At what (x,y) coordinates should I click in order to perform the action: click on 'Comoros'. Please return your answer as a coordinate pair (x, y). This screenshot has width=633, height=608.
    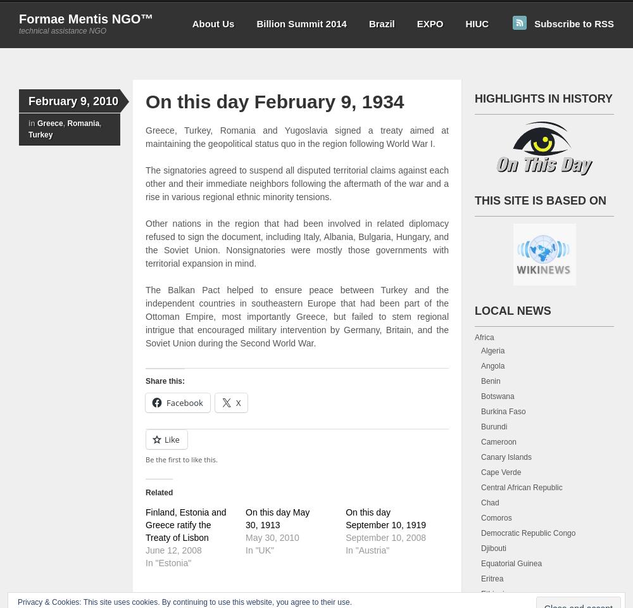
    Looking at the image, I should click on (496, 518).